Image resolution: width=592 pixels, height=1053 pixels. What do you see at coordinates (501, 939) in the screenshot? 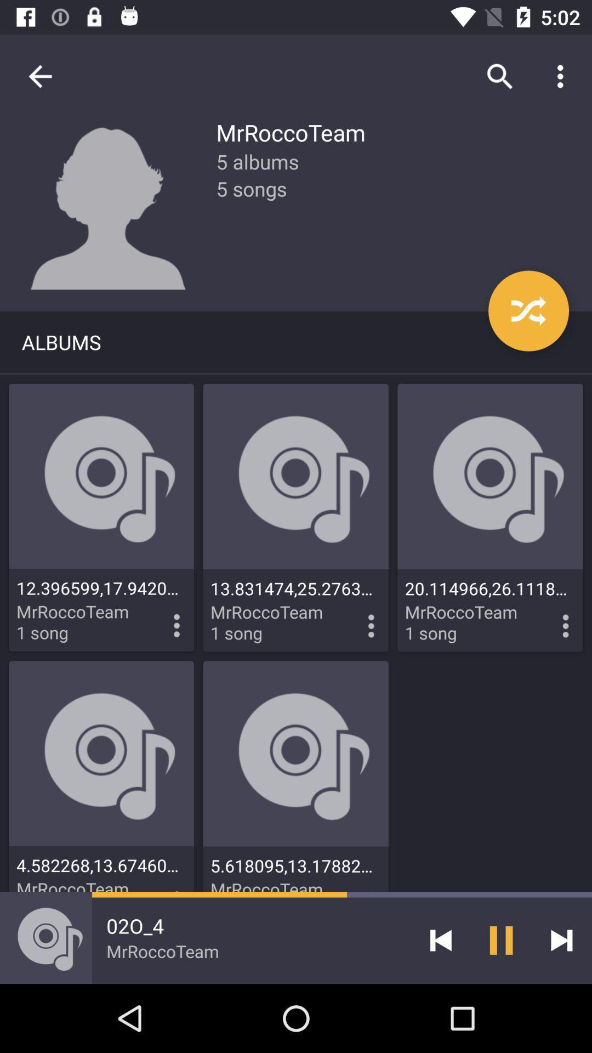
I see `the pause icon` at bounding box center [501, 939].